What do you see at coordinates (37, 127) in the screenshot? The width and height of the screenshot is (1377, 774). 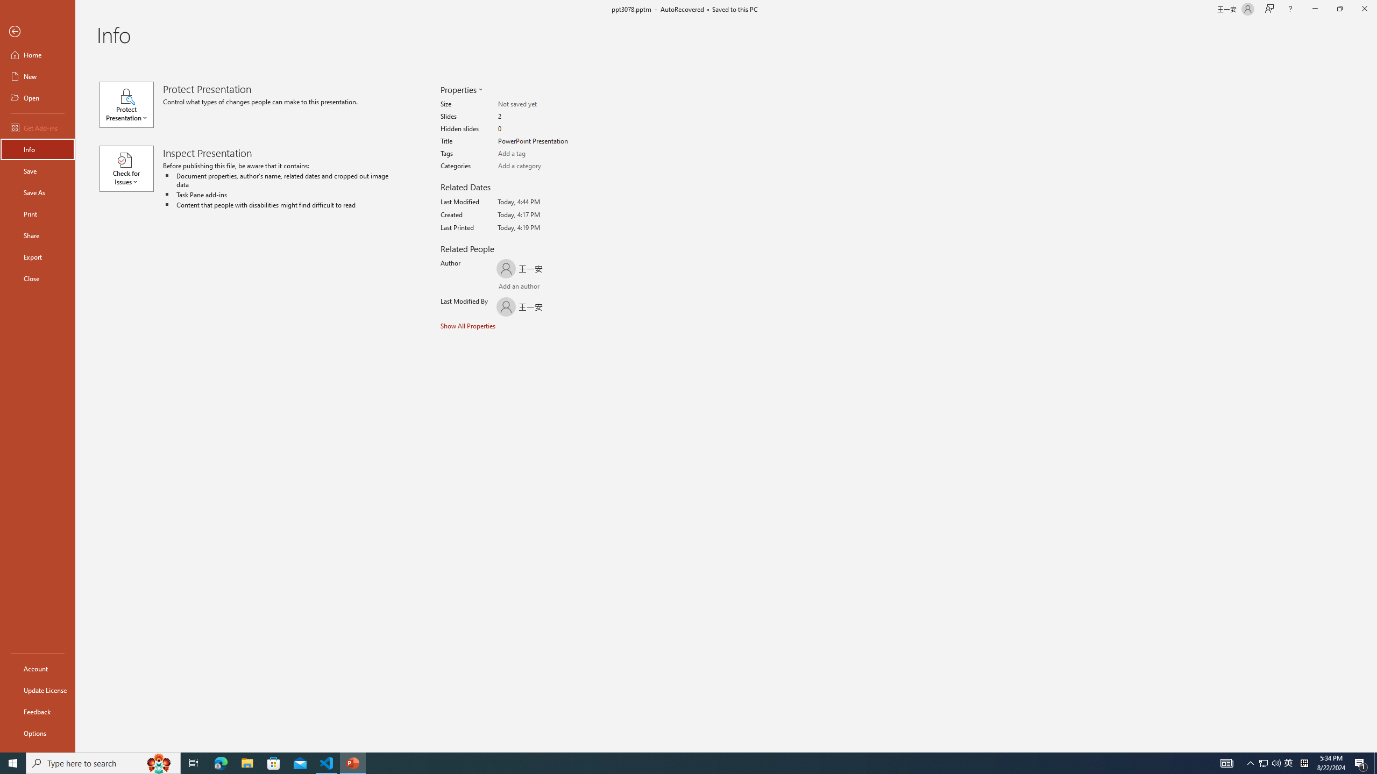 I see `'Get Add-ins'` at bounding box center [37, 127].